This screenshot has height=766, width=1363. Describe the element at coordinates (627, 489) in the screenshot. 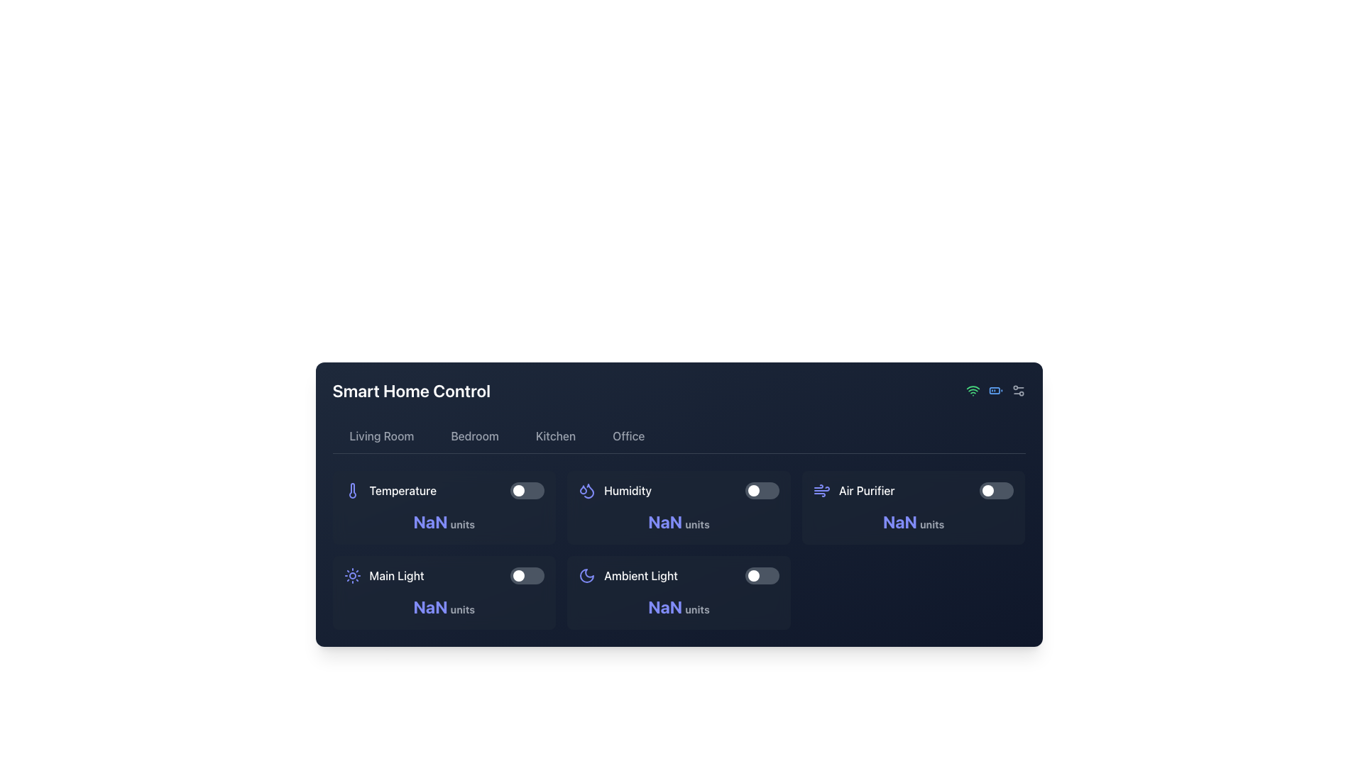

I see `the humidity label in the smart home control interface, which is located in the second column and first row of a 2x2 grid, next to a water droplets icon` at that location.